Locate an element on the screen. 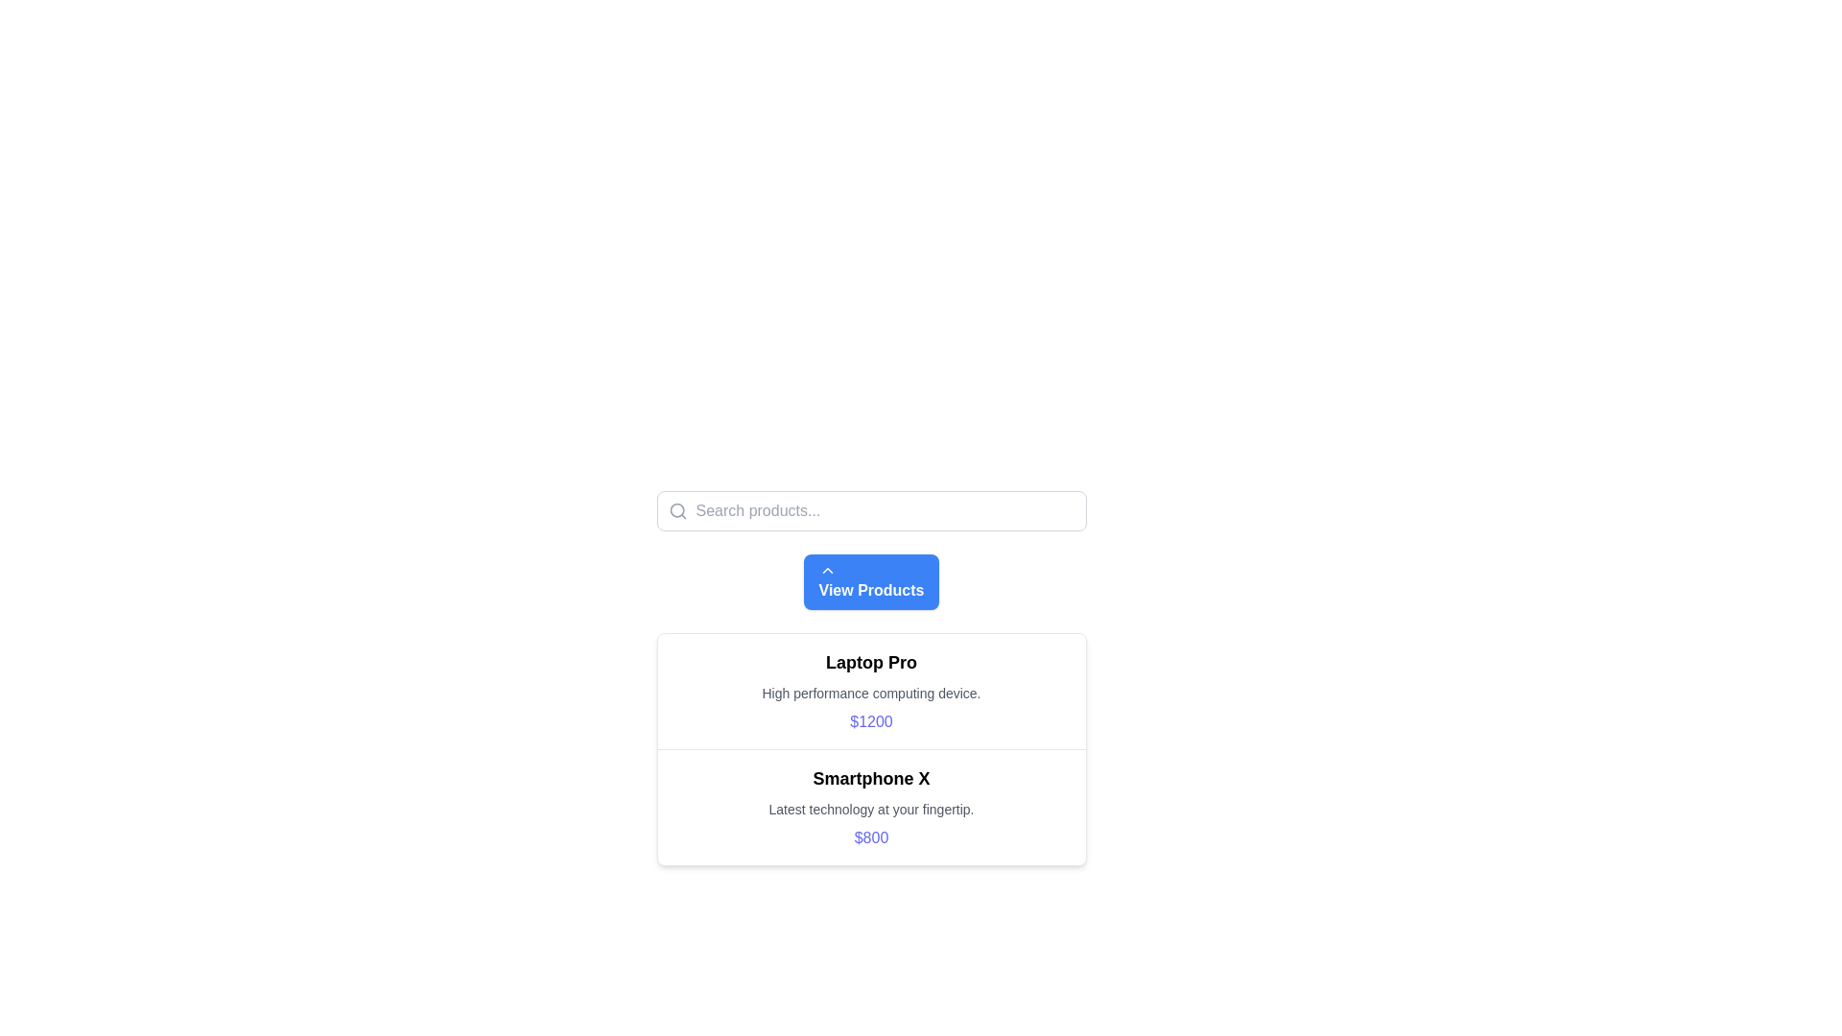 Image resolution: width=1842 pixels, height=1036 pixels. chevron icon located at the central upper region of the 'View Products' button for details is located at coordinates (827, 569).